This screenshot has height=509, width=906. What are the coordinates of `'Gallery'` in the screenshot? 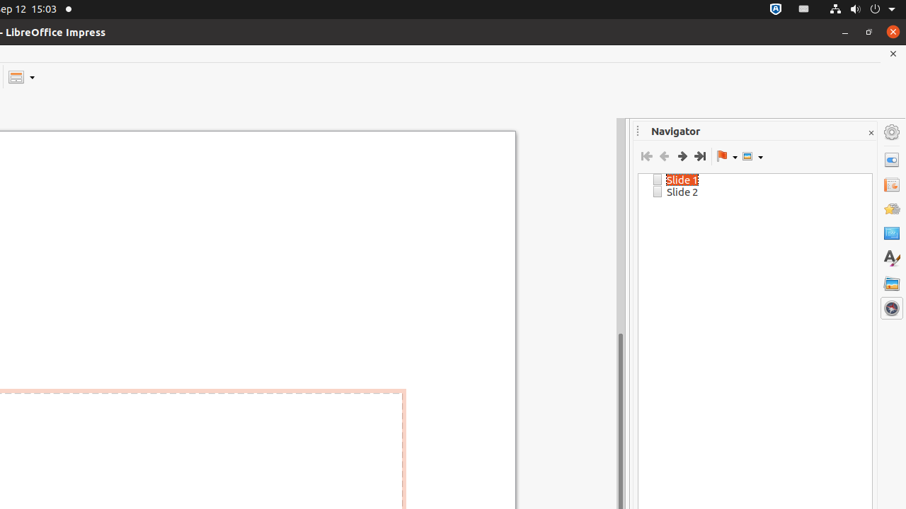 It's located at (891, 283).